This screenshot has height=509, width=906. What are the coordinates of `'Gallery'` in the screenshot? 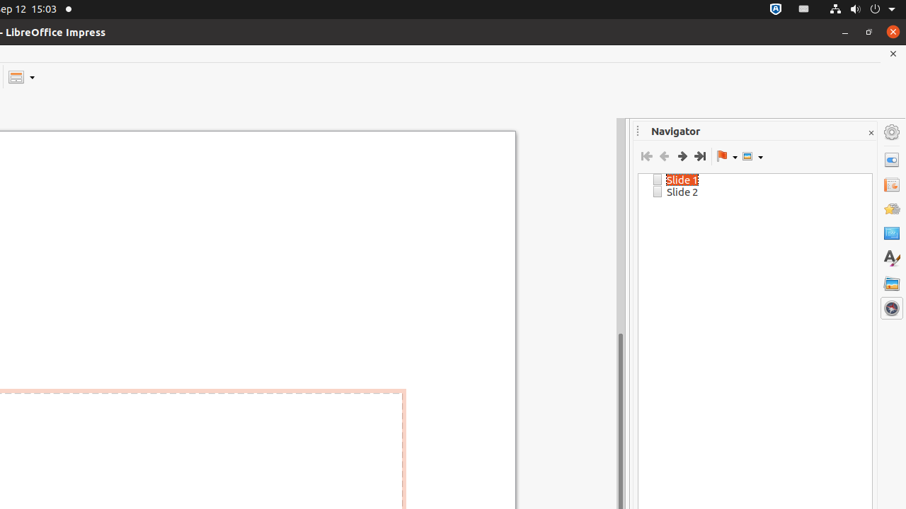 It's located at (891, 283).